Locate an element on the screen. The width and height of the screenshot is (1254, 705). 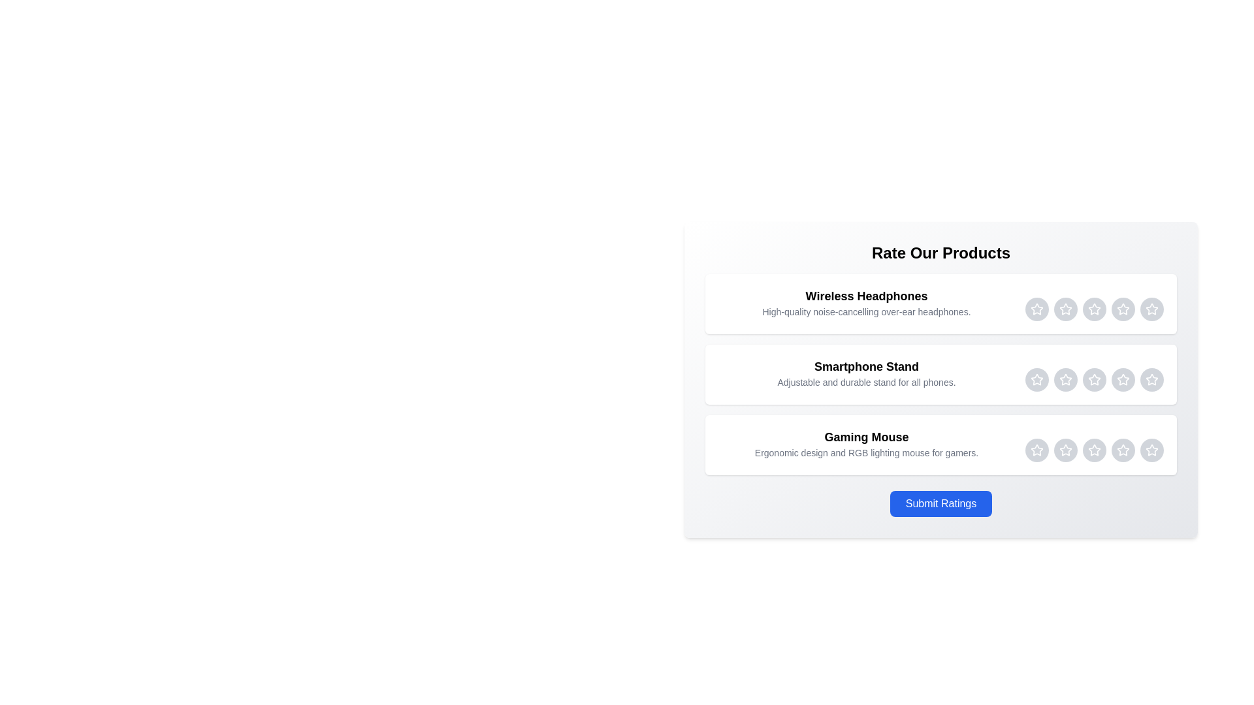
the Smartphone Stand rating star 1 is located at coordinates (1037, 380).